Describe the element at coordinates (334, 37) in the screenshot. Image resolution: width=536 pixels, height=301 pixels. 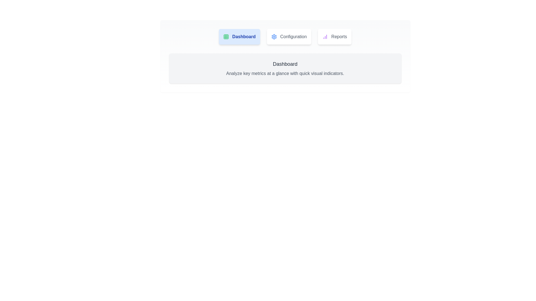
I see `the Reports tab to switch to its content` at that location.